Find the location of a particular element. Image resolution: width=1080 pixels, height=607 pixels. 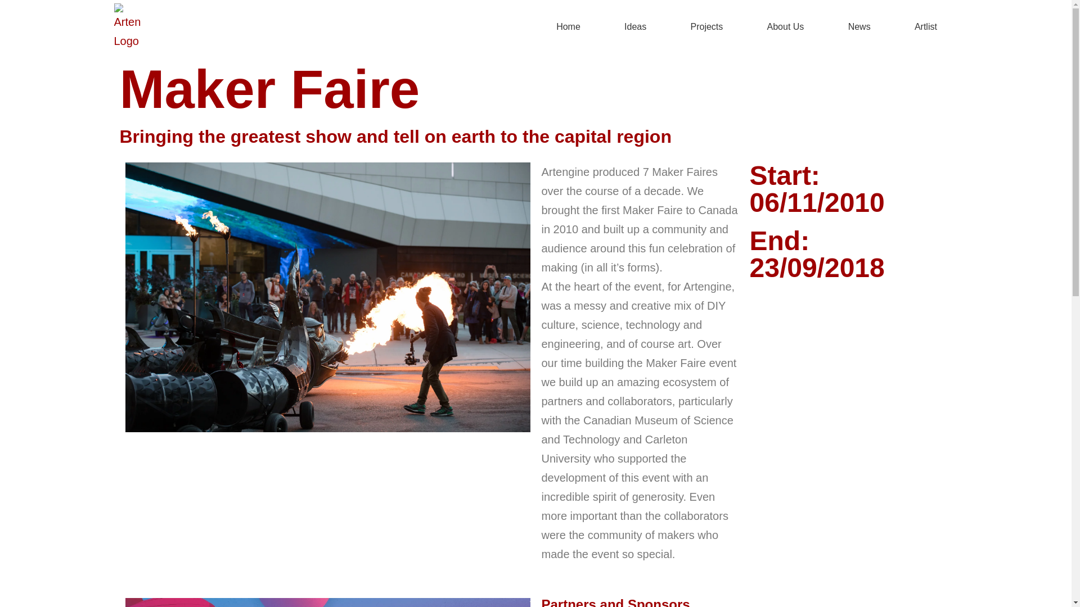

'Ideas' is located at coordinates (634, 26).